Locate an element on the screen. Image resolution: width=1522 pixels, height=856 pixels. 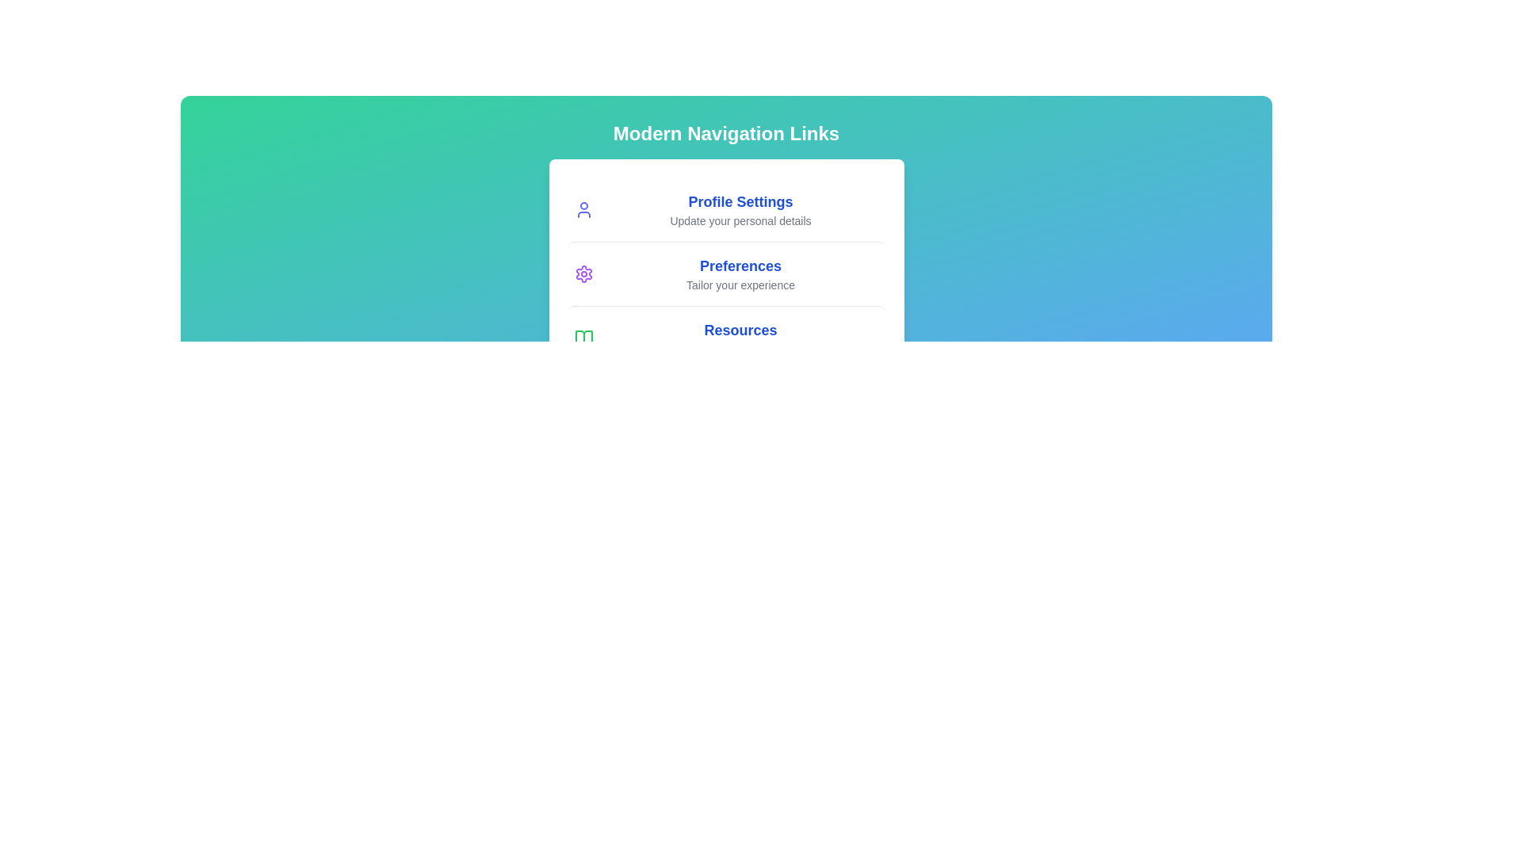
the 'Resources' hyperlink in the composite component, which includes the text 'Access helpful guides' is located at coordinates (740, 338).